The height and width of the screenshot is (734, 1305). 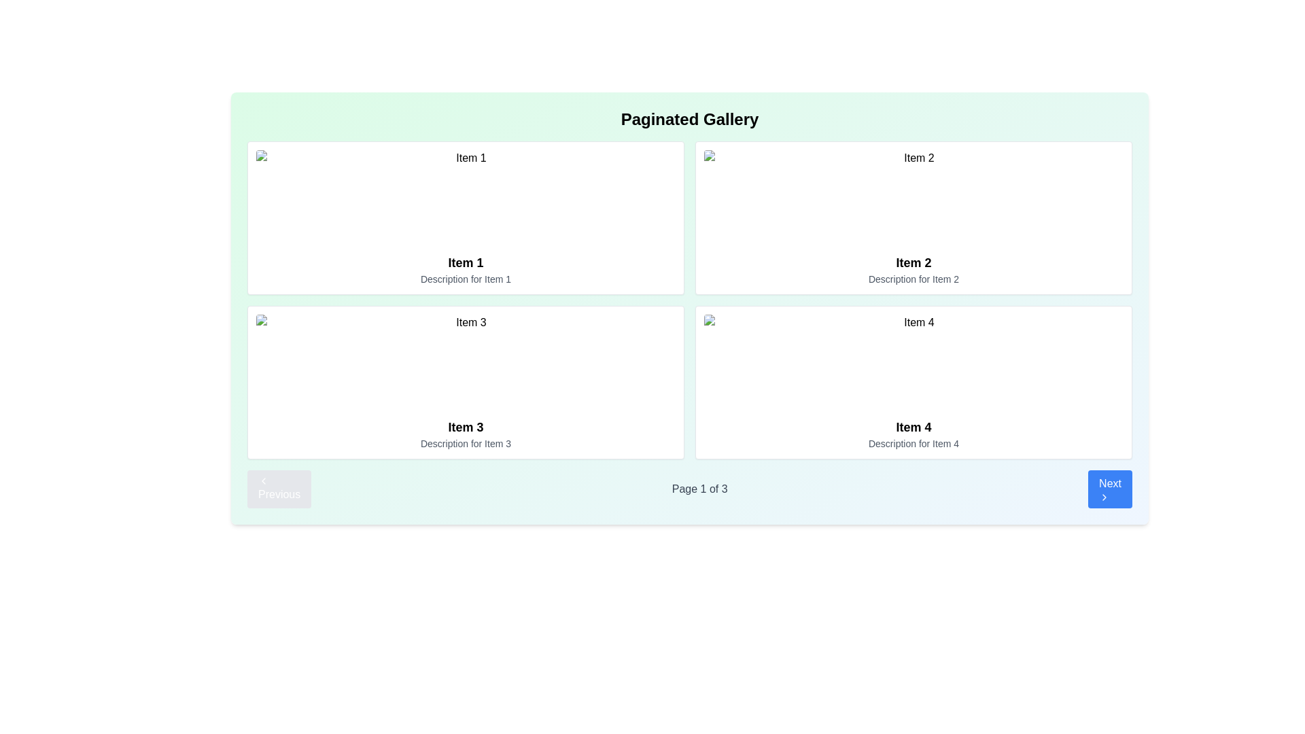 I want to click on the bold text label displaying 'Item 3', which is positioned in the upper central part of the third tile in a 2x2 grid layout, so click(x=466, y=426).